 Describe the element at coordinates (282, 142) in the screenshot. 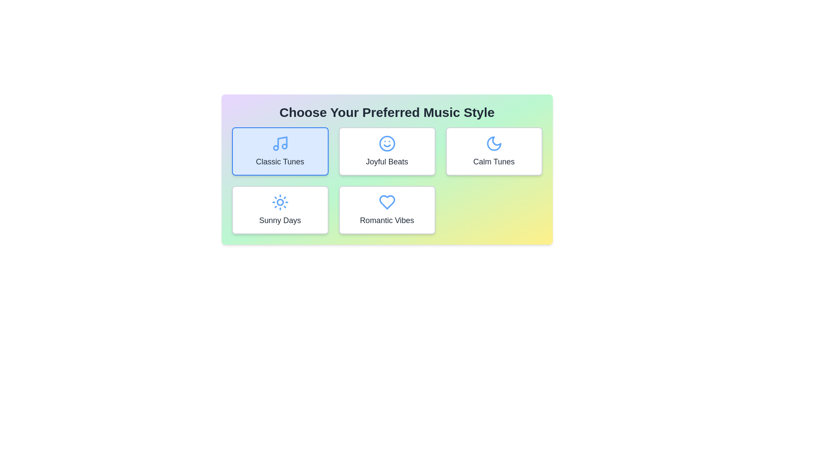

I see `the 'Classic Tunes' icon, which is the first item in the top row of the grid-style layout in the panel, serving as a visual representation of the music style` at that location.